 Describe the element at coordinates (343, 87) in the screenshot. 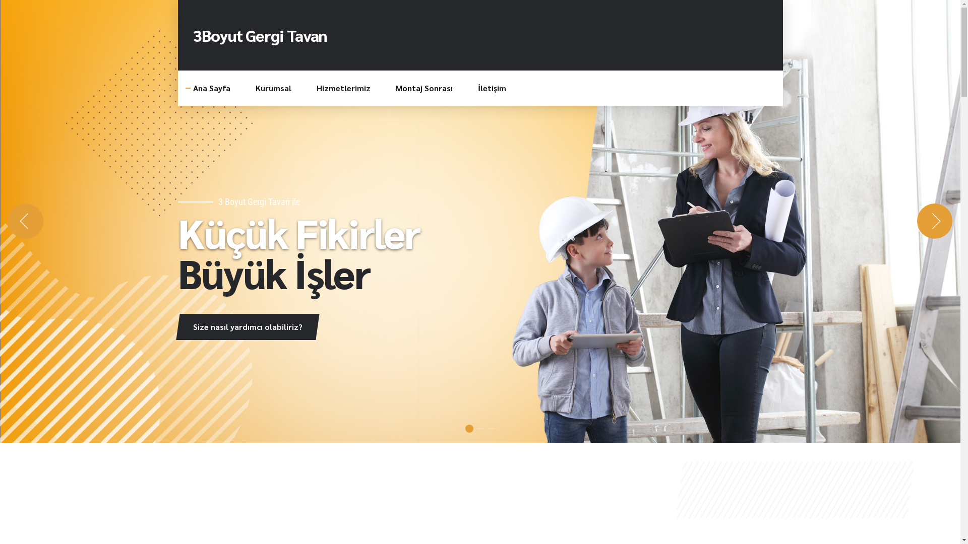

I see `'Hizmetlerimiz'` at that location.